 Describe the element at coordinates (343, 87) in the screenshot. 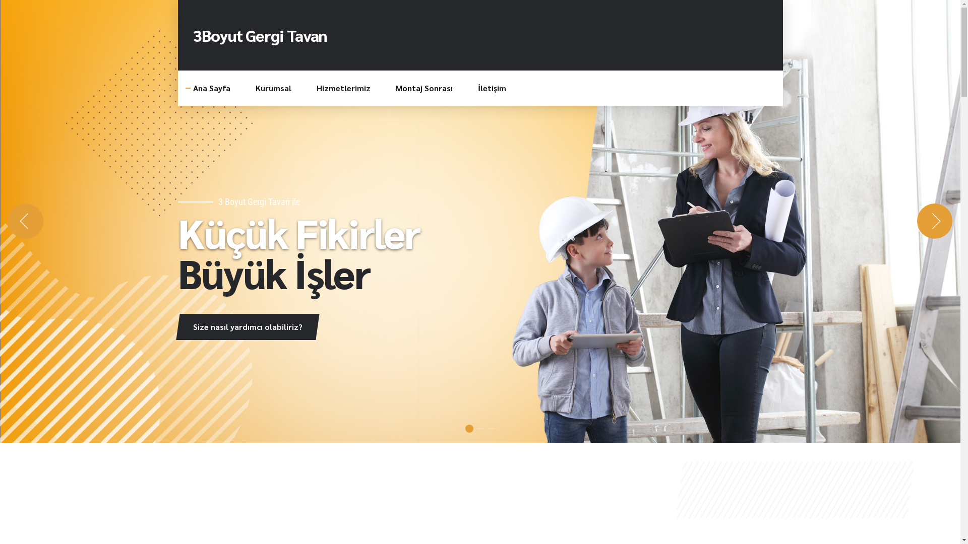

I see `'Hizmetlerimiz'` at that location.